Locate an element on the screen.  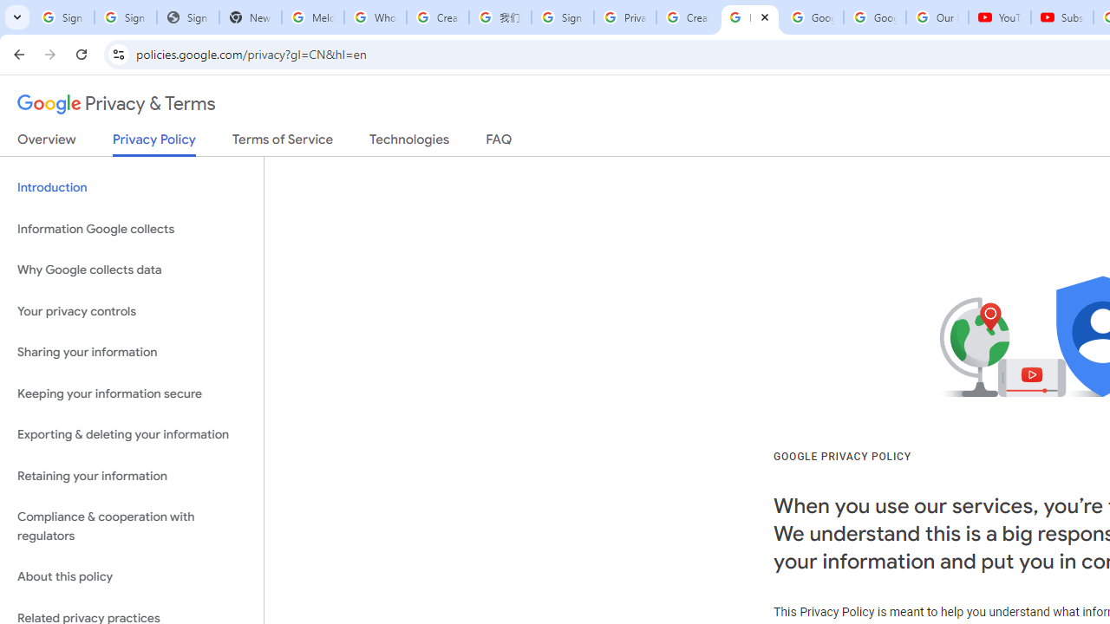
'Retaining your information' is located at coordinates (131, 476).